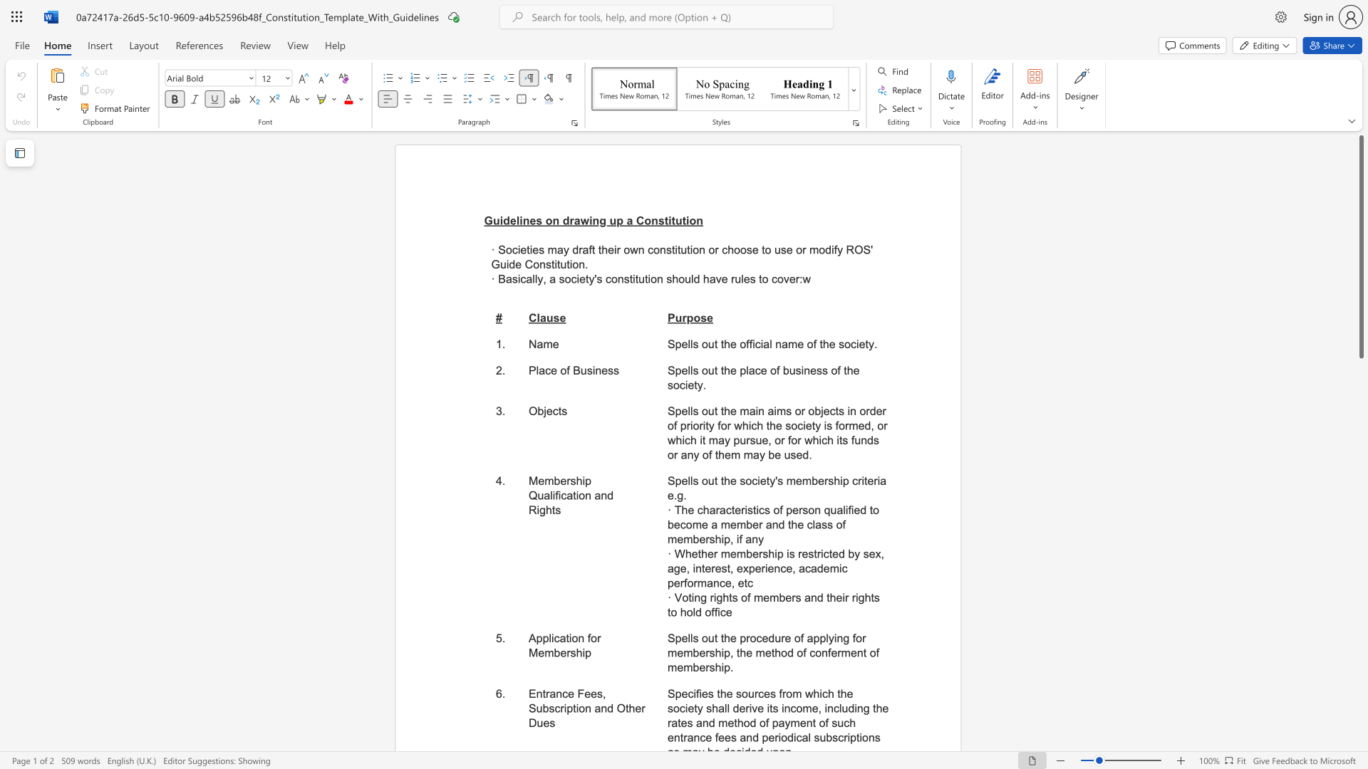 This screenshot has width=1368, height=769. What do you see at coordinates (1360, 584) in the screenshot?
I see `the scrollbar to adjust the page downward` at bounding box center [1360, 584].